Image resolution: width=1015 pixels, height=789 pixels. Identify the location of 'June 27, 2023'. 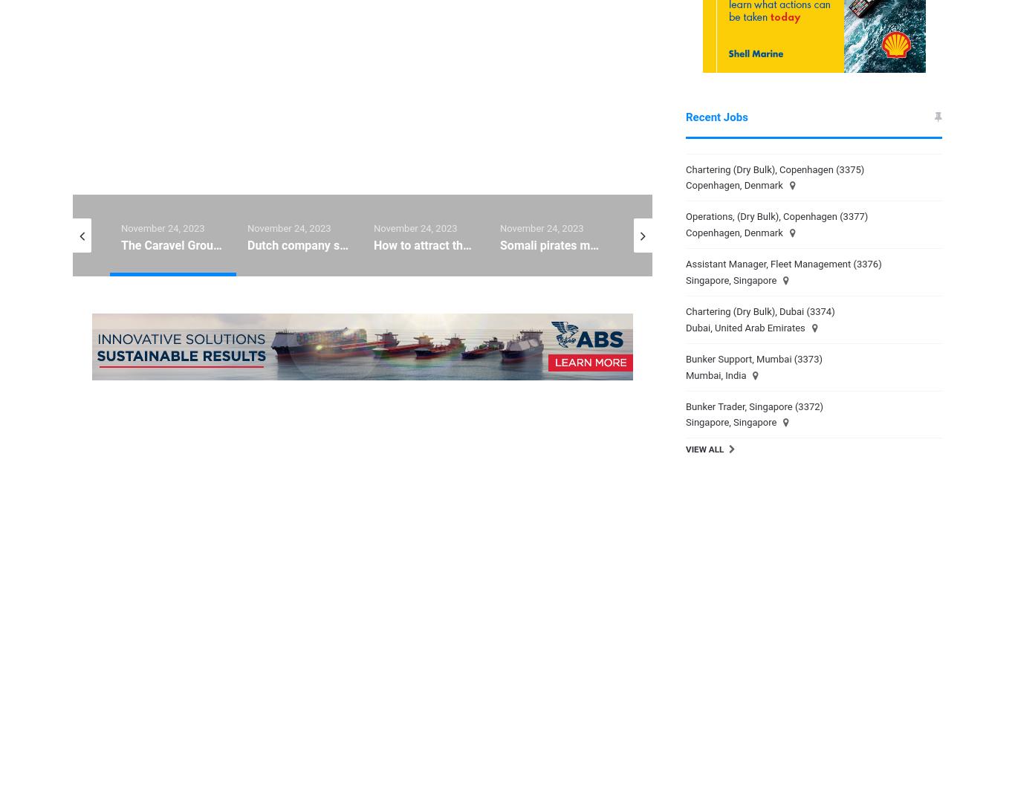
(812, 696).